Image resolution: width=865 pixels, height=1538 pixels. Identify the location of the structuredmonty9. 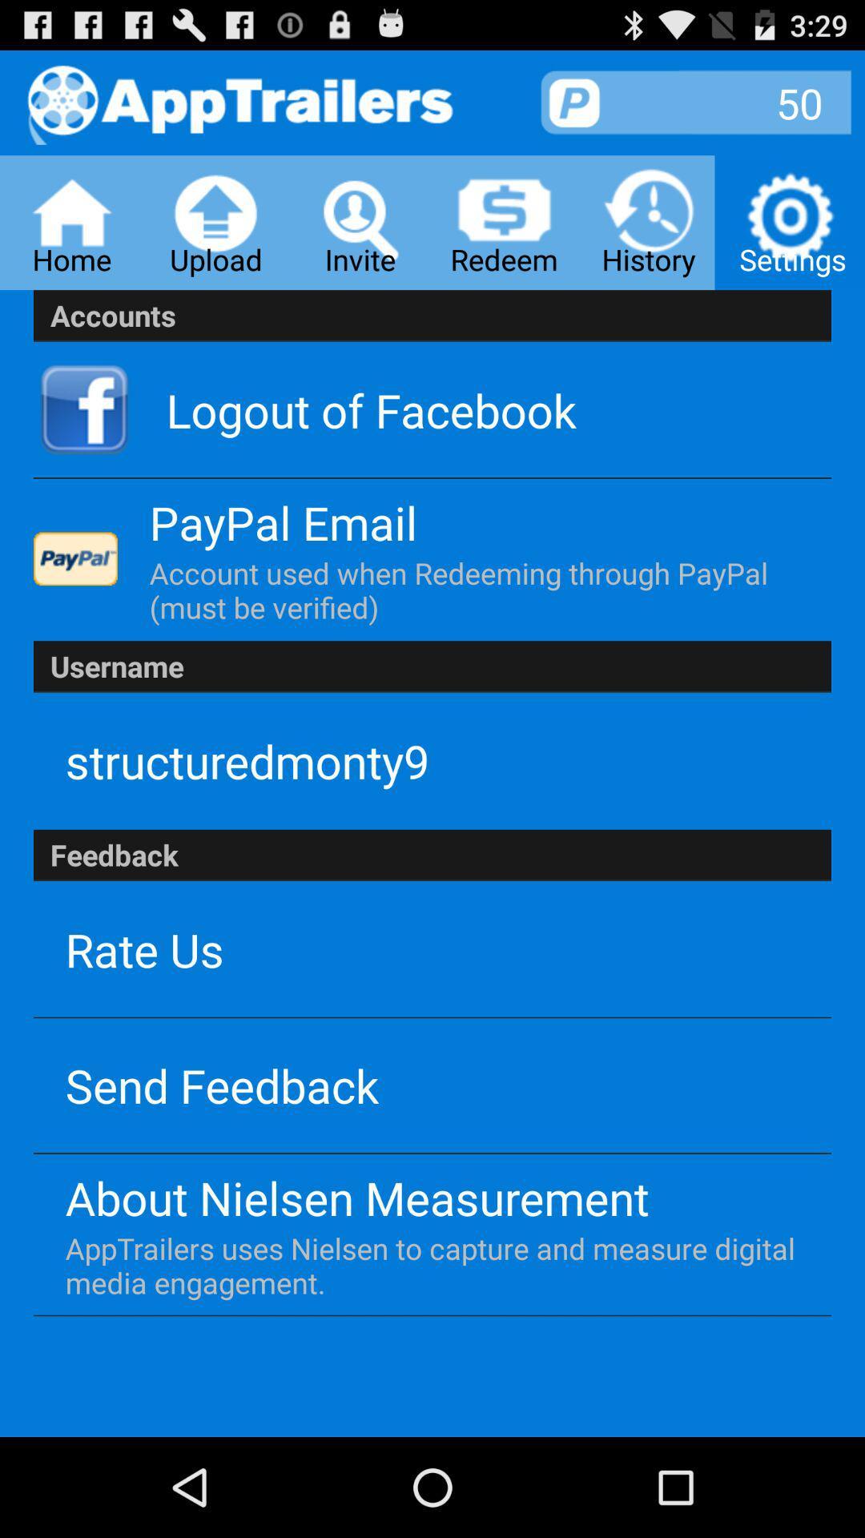
(247, 759).